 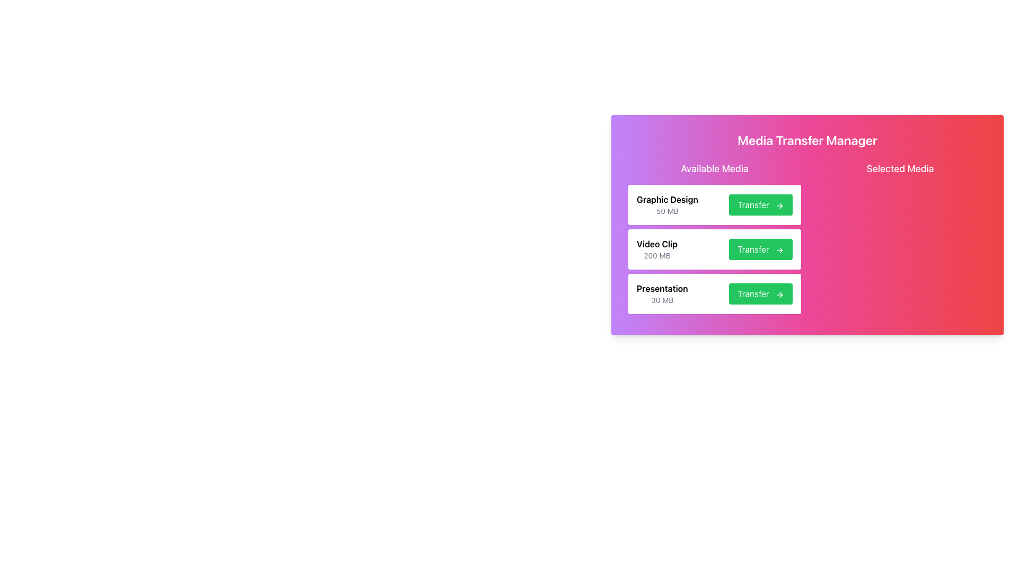 I want to click on the 'Selected Media' text label, which is displayed in white bold font on a red gradient bar located at the top-right of the interface, so click(x=900, y=168).